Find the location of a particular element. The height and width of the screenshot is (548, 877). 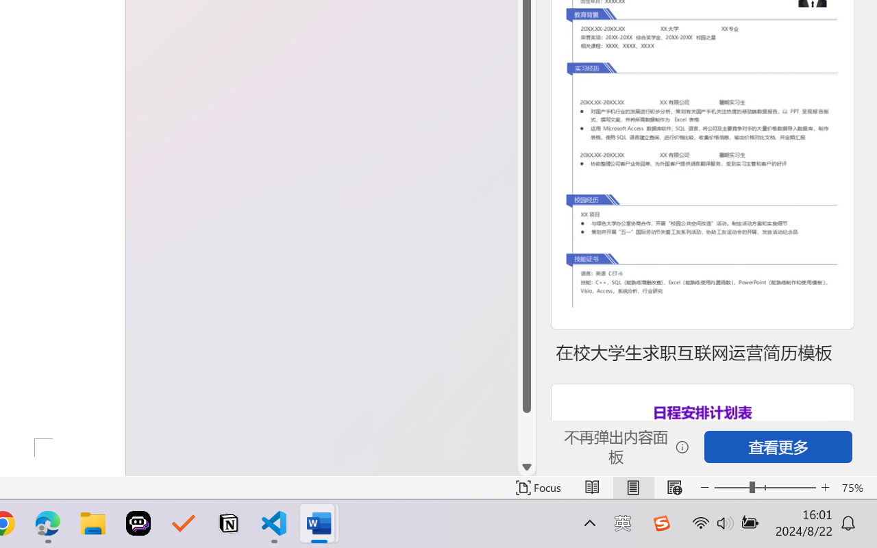

'Zoom Out' is located at coordinates (731, 487).